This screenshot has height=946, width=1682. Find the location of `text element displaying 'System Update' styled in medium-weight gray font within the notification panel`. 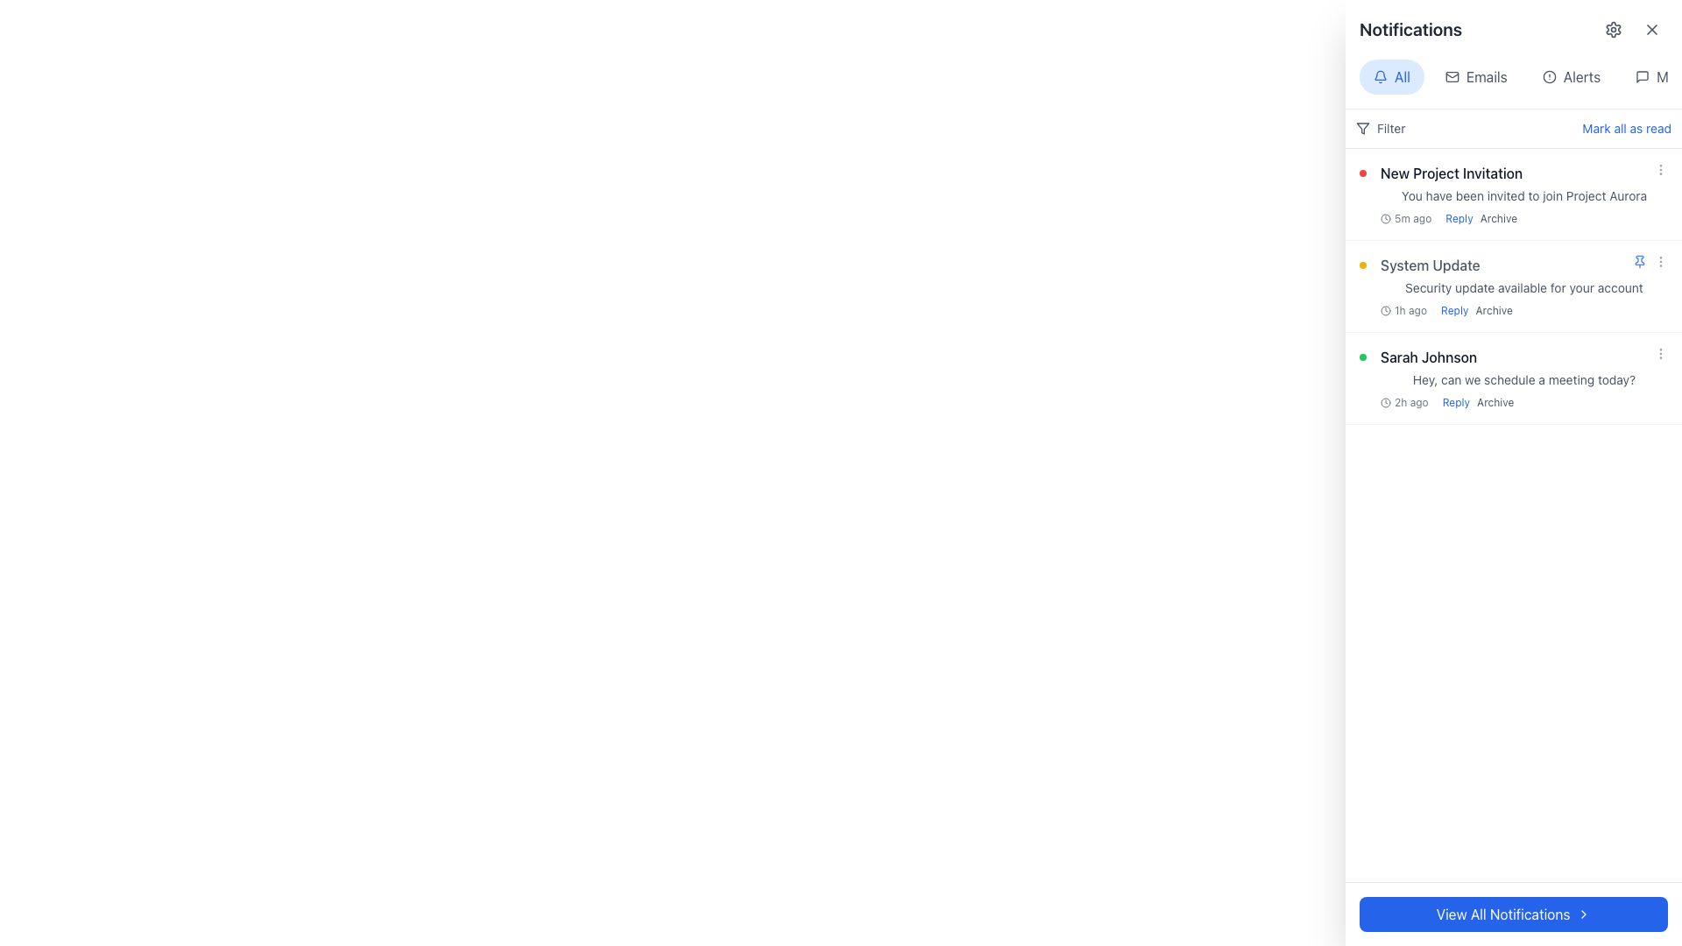

text element displaying 'System Update' styled in medium-weight gray font within the notification panel is located at coordinates (1430, 265).